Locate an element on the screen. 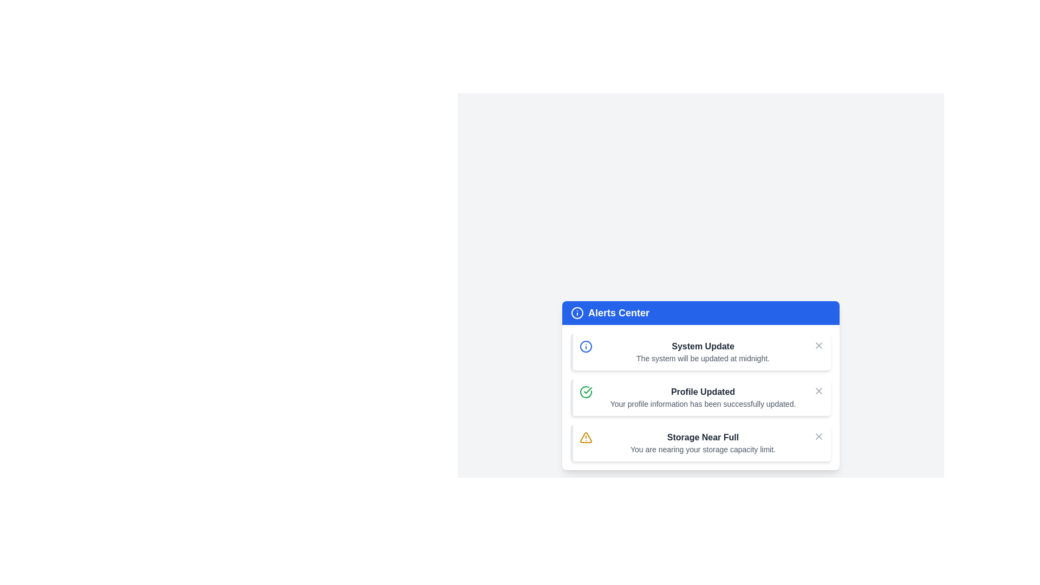  the circular icon in the 'System Update' alert section, which serves as a graphical indicator for the alert type is located at coordinates (576, 313).